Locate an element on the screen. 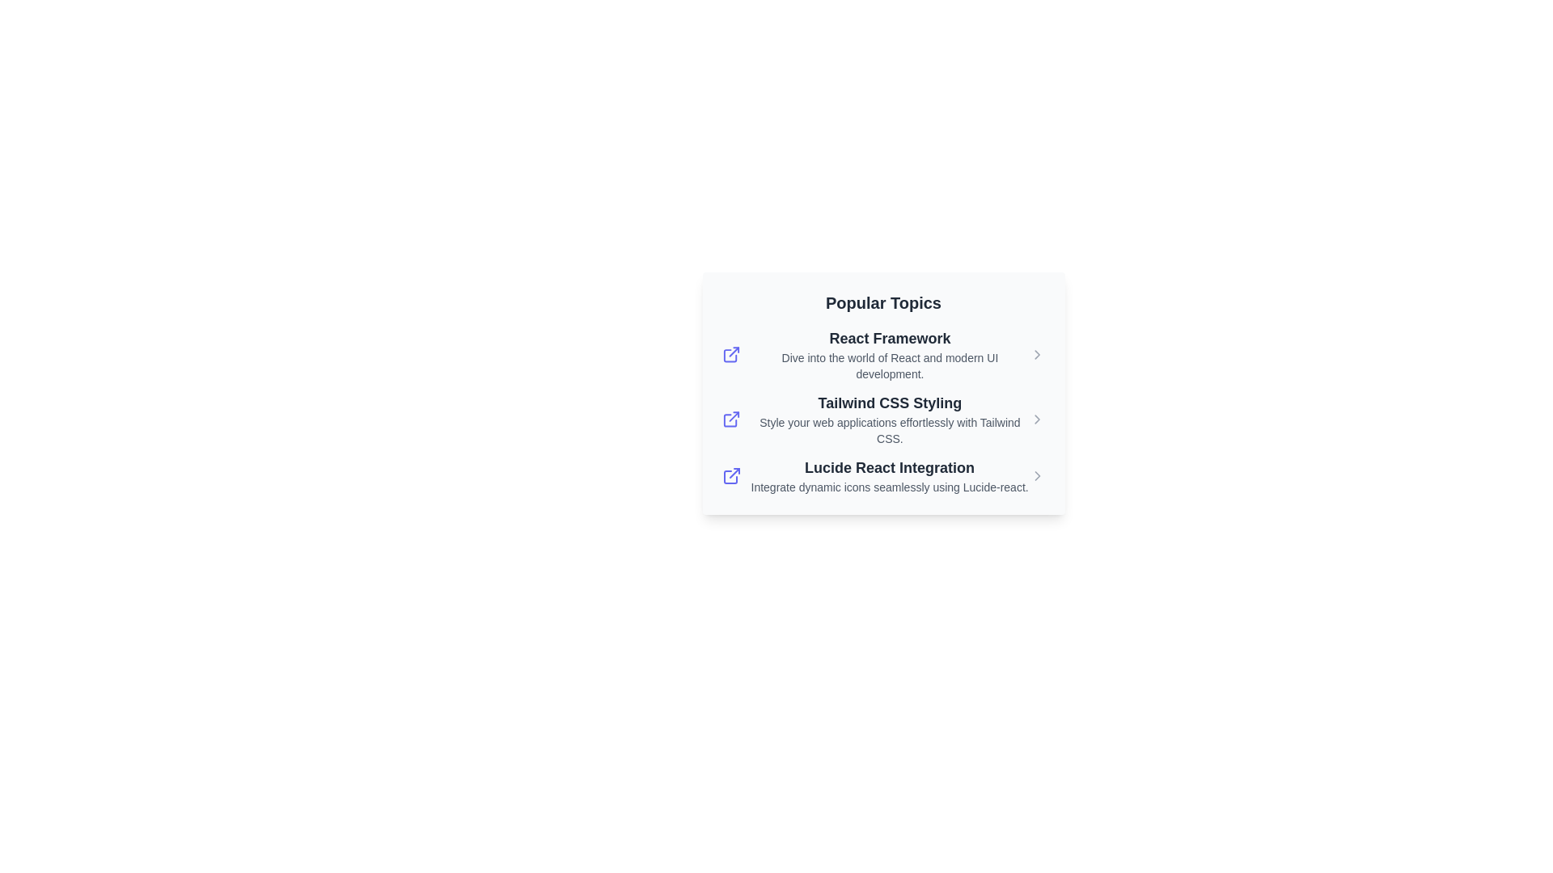  the right chevron icon located at the far-right side of the 'Lucide React Integration' entry in the list of topics is located at coordinates (1037, 475).